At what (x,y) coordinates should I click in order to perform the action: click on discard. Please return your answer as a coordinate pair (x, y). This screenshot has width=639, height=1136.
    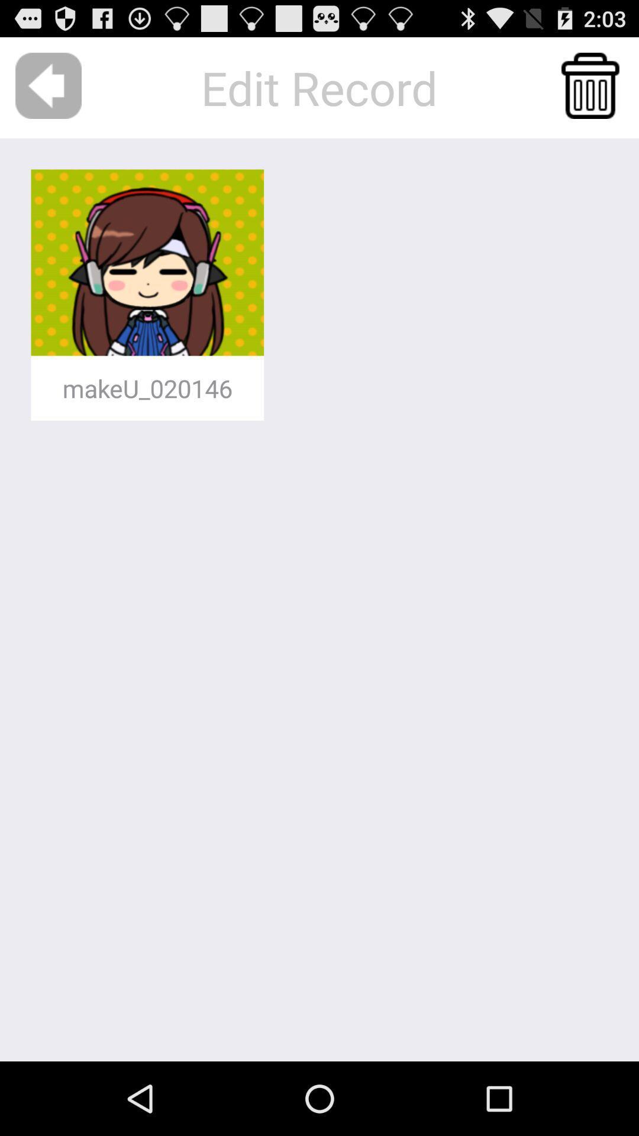
    Looking at the image, I should click on (590, 85).